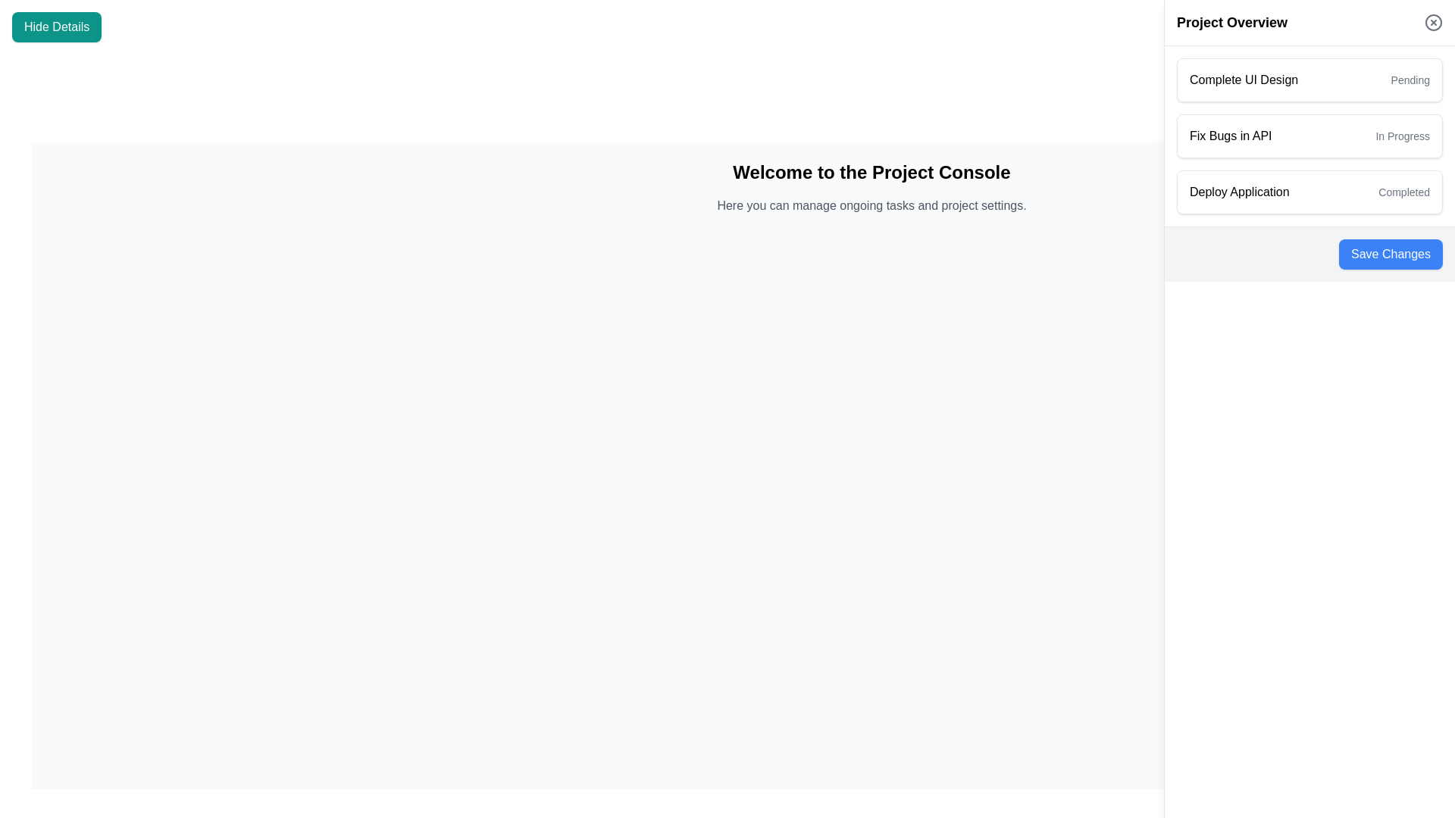  What do you see at coordinates (1410, 80) in the screenshot?
I see `the status indicator text label for the task 'Complete UI Design' in the 'Project Overview' section` at bounding box center [1410, 80].